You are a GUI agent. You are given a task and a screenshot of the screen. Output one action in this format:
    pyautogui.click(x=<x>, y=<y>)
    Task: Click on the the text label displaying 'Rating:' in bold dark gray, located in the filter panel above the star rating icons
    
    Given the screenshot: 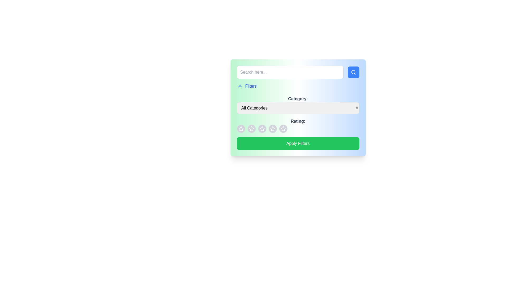 What is the action you would take?
    pyautogui.click(x=298, y=121)
    